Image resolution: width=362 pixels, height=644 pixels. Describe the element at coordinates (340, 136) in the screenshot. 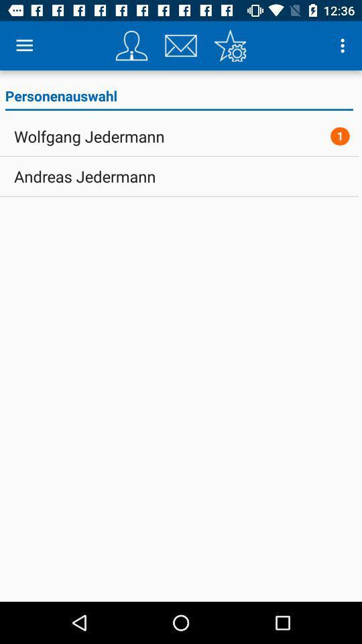

I see `the  1  icon` at that location.